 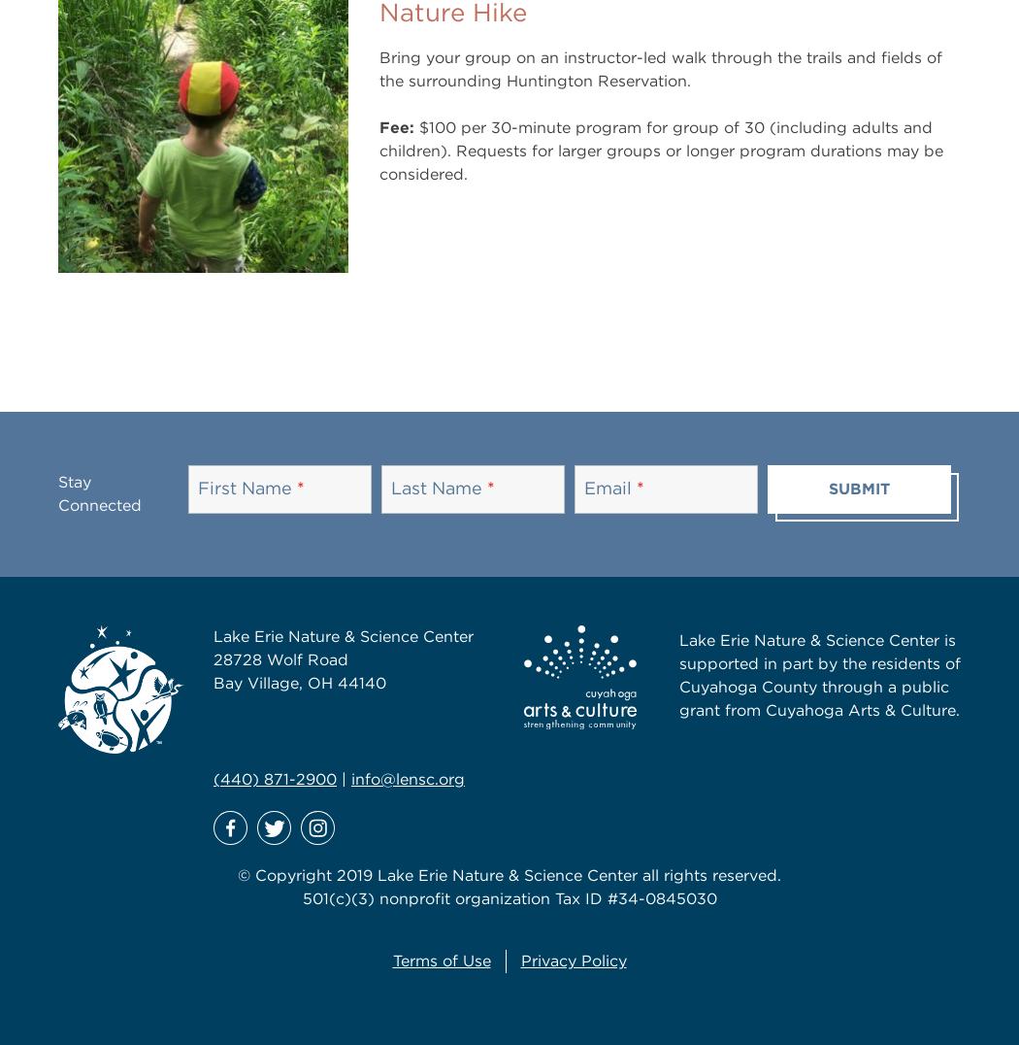 What do you see at coordinates (246, 487) in the screenshot?
I see `'First Name'` at bounding box center [246, 487].